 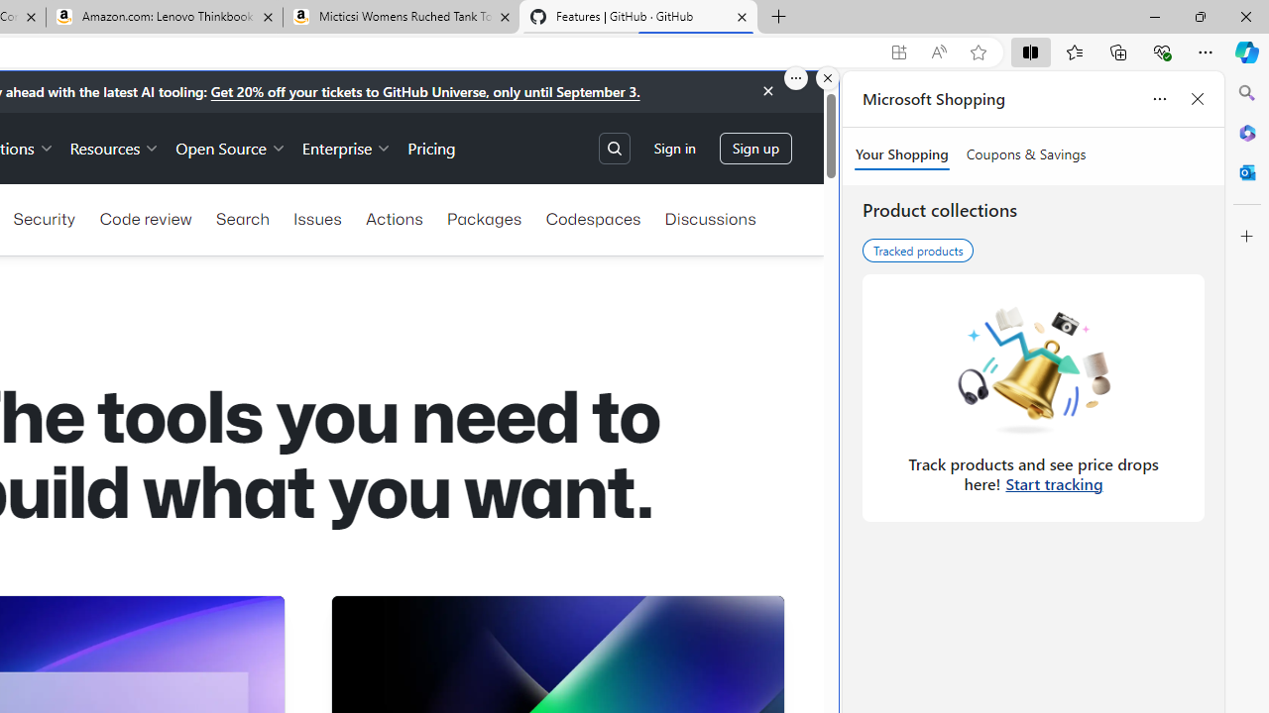 What do you see at coordinates (430, 147) in the screenshot?
I see `'Pricing'` at bounding box center [430, 147].